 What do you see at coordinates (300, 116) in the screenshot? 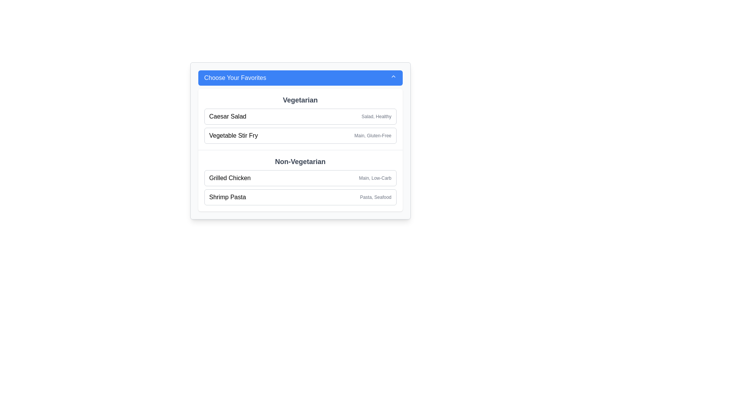
I see `the first selectable list item labeled 'Caesar Salad' under the 'Vegetarian' section` at bounding box center [300, 116].